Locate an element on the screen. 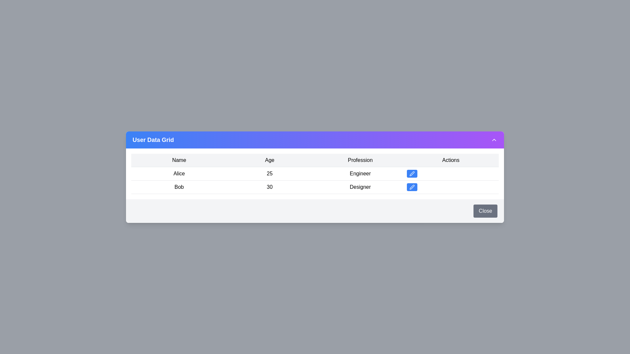  the static text displaying the number '30' located in the second row under the 'Age' column of the user data grid is located at coordinates (269, 187).